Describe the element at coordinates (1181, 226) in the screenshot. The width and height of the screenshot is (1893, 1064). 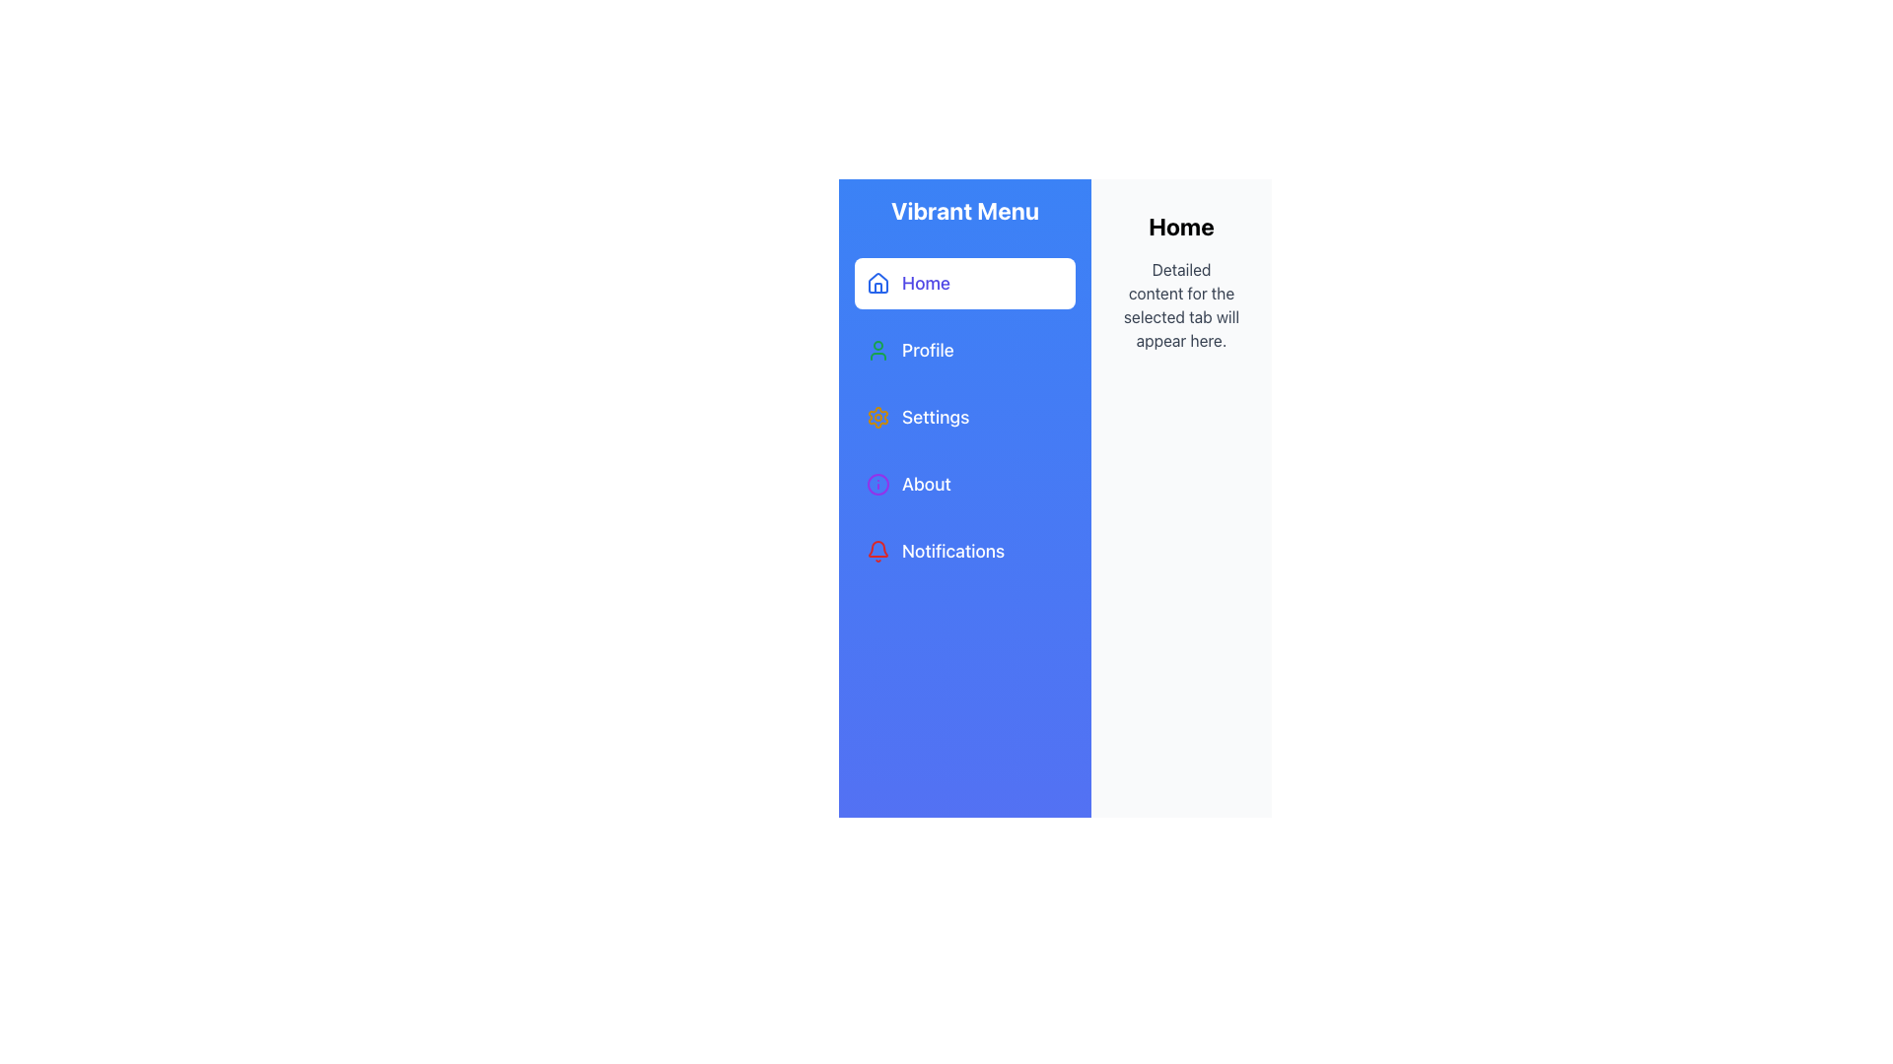
I see `the bold headline text label displaying 'Home', which is located at the top of the right-side panel and visually distinct due to its font weight and size` at that location.